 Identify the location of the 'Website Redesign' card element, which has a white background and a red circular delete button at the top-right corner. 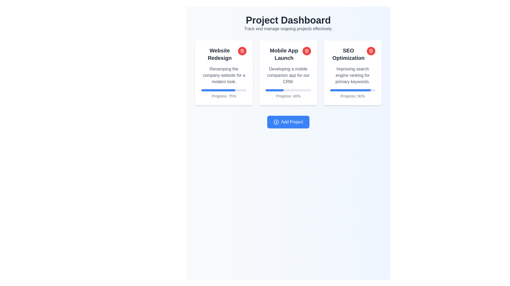
(224, 73).